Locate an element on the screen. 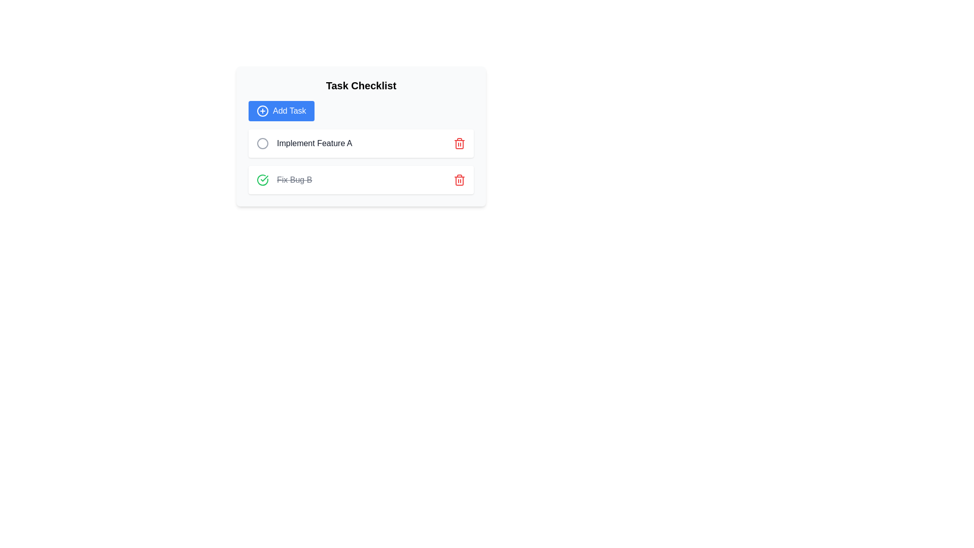 The image size is (974, 548). text element that serves as the title for the task checklist section, located centrally at the top of the section is located at coordinates (361, 85).